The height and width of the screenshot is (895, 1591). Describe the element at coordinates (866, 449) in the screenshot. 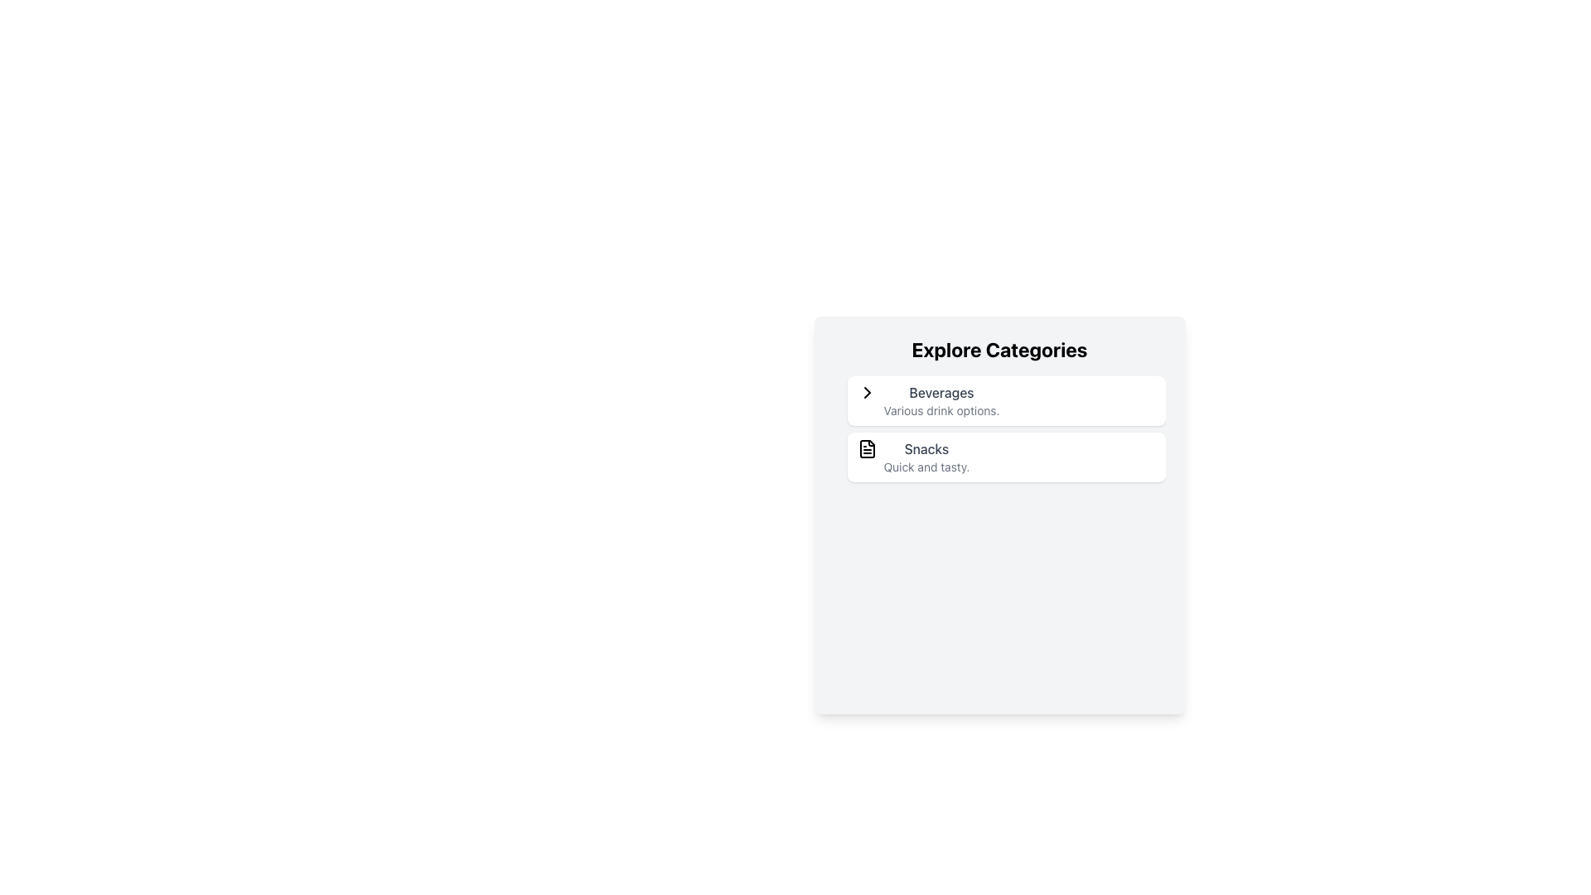

I see `the Snacks category icon in the Explore Categories panel, which serves as a visual cue for this category` at that location.